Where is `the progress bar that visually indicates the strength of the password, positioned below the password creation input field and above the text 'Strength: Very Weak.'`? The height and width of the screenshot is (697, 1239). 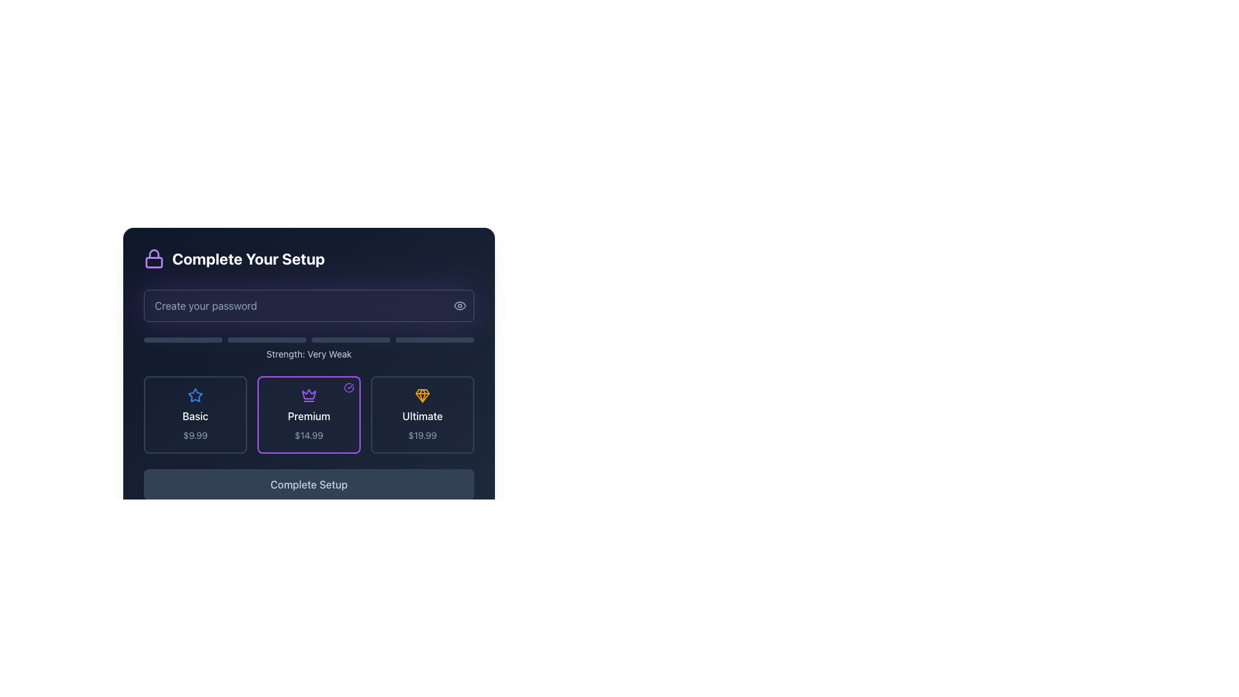
the progress bar that visually indicates the strength of the password, positioned below the password creation input field and above the text 'Strength: Very Weak.' is located at coordinates (308, 339).